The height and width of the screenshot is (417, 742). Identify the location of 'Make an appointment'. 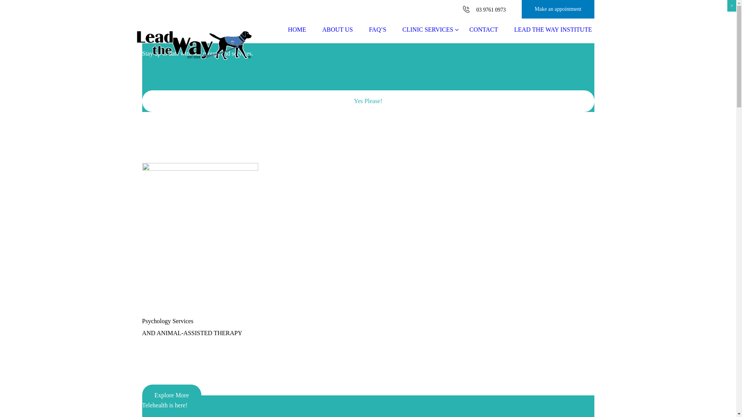
(558, 9).